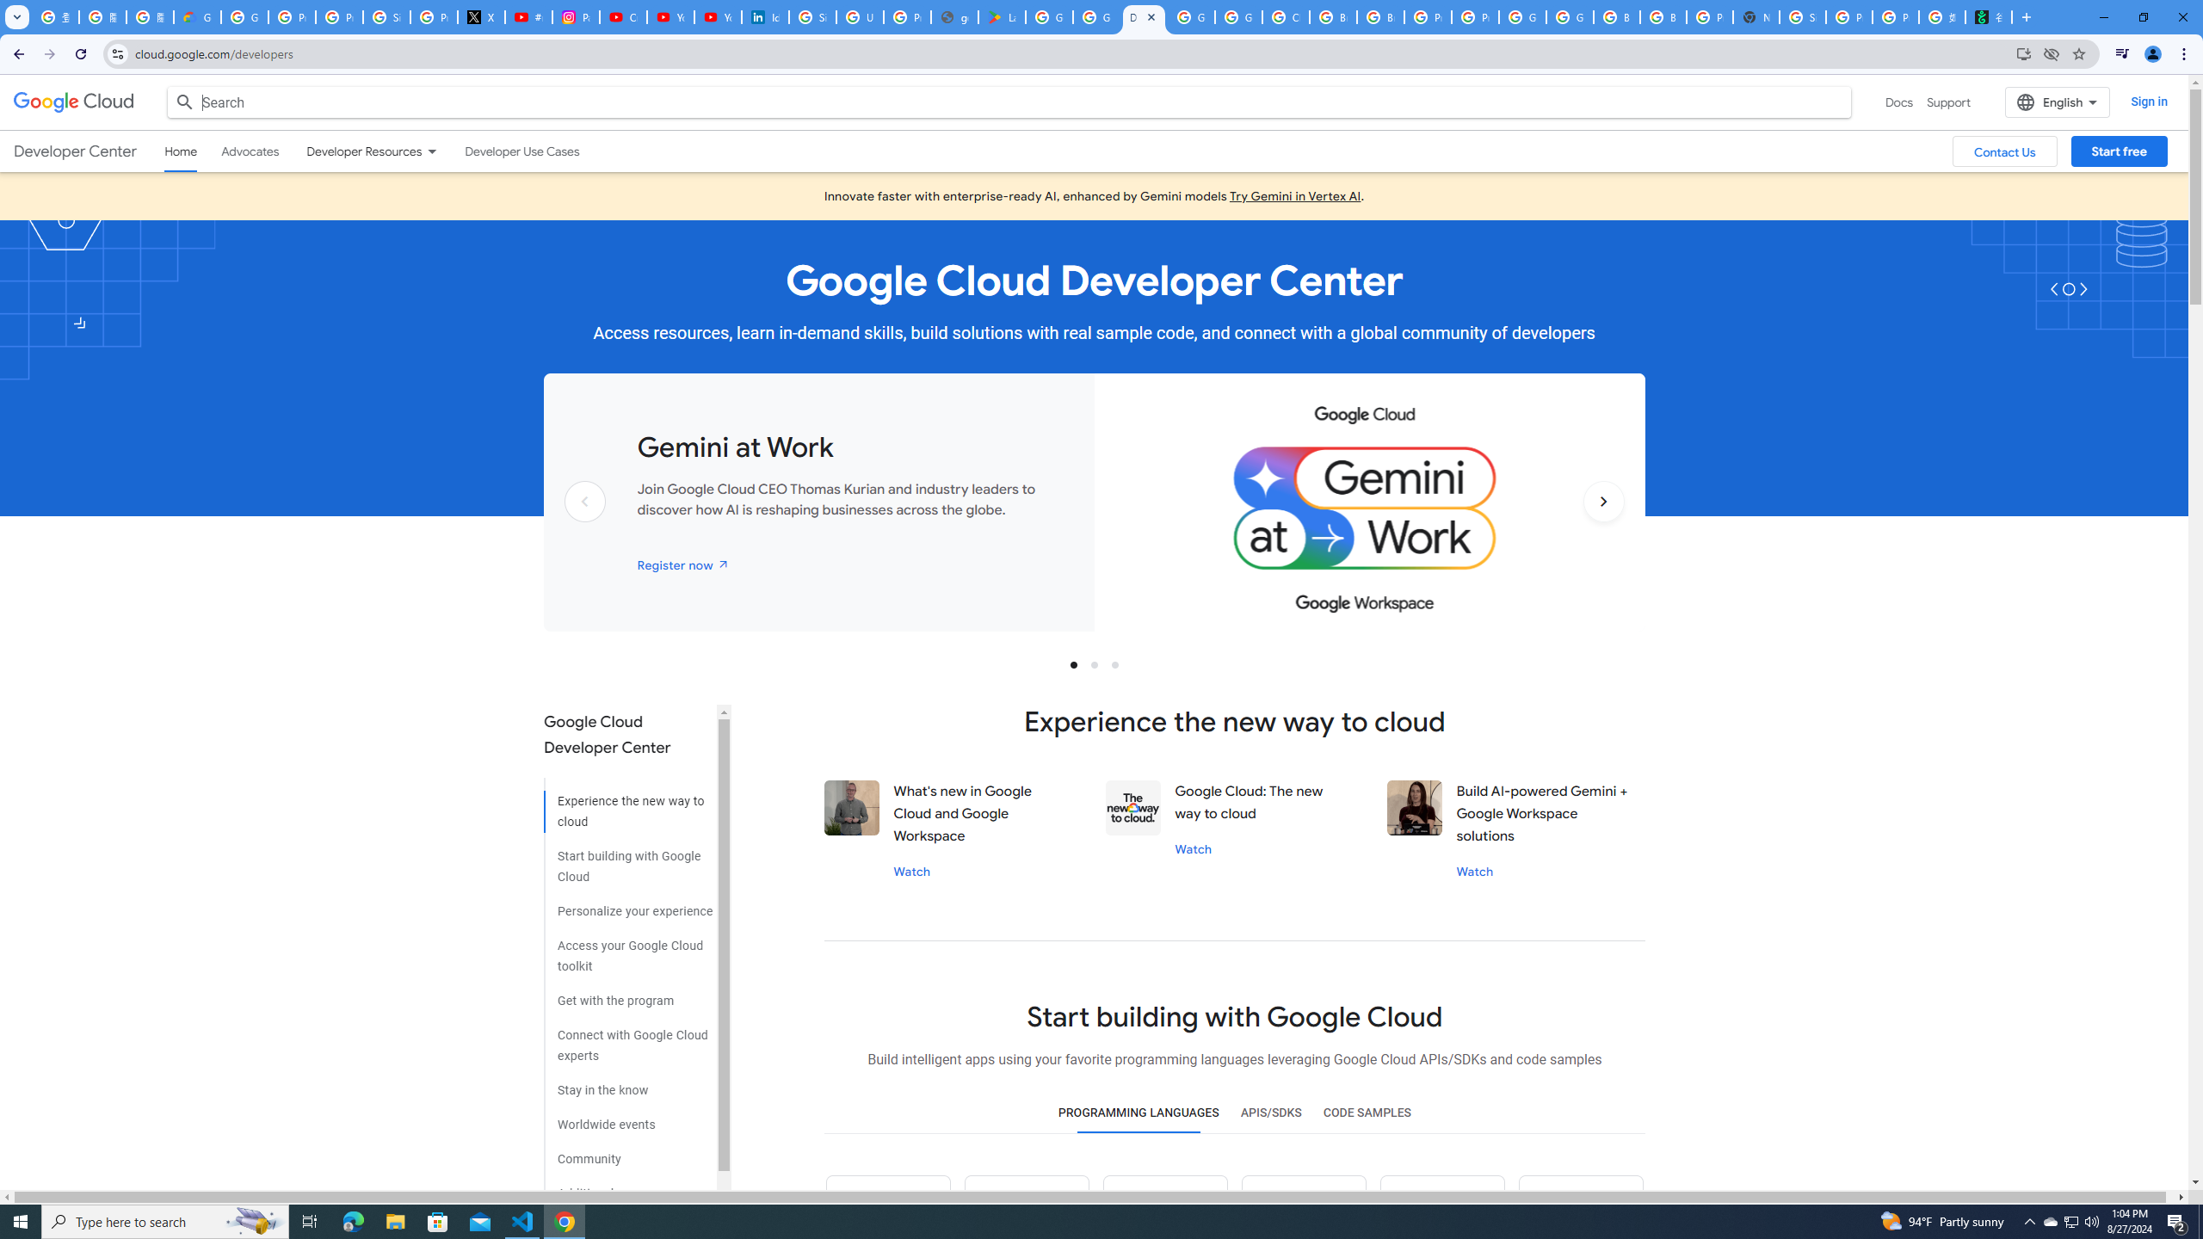 The image size is (2203, 1239). What do you see at coordinates (2003, 151) in the screenshot?
I see `'Contact Us'` at bounding box center [2003, 151].